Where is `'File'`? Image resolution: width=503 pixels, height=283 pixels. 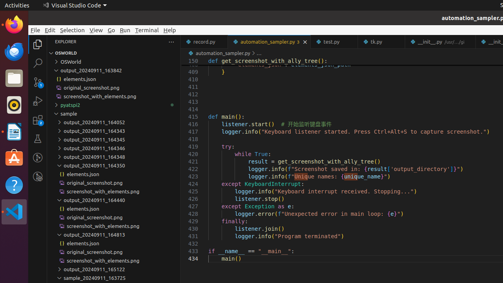
'File' is located at coordinates (35, 29).